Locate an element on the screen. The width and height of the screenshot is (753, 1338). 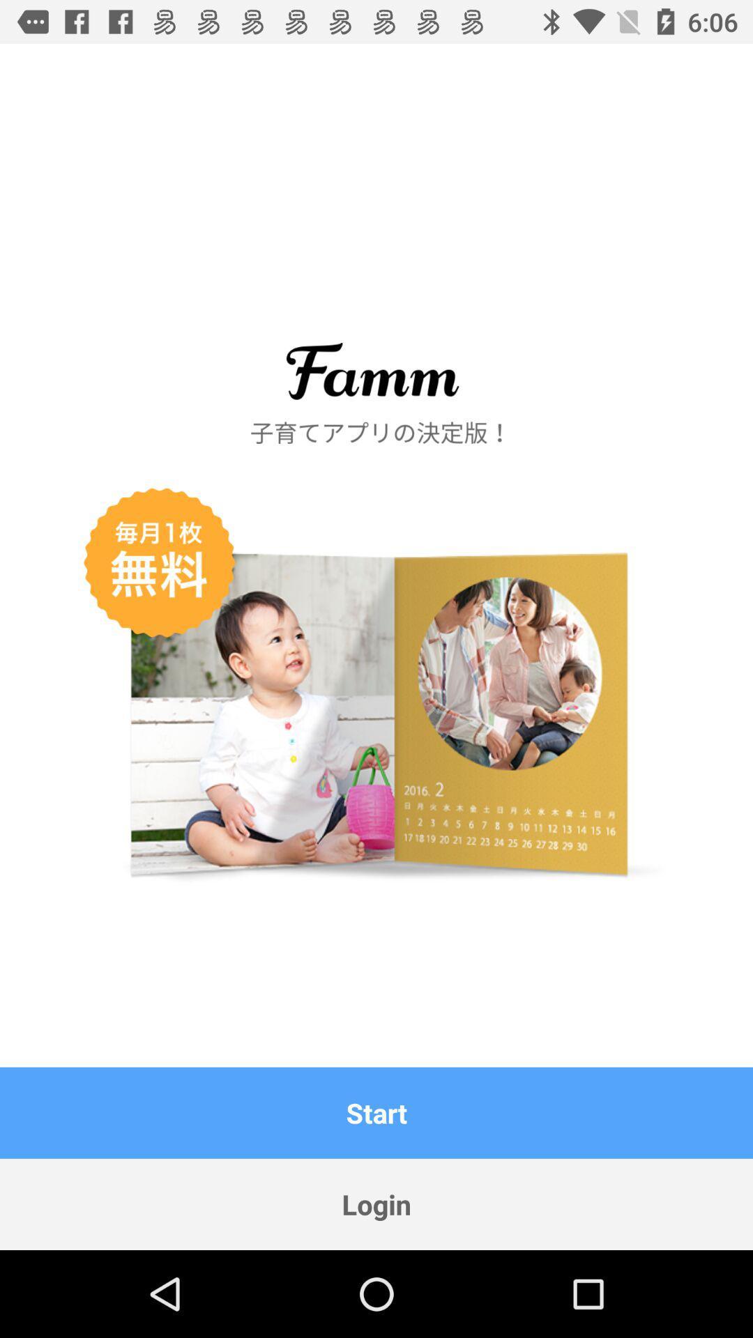
login icon is located at coordinates (376, 1204).